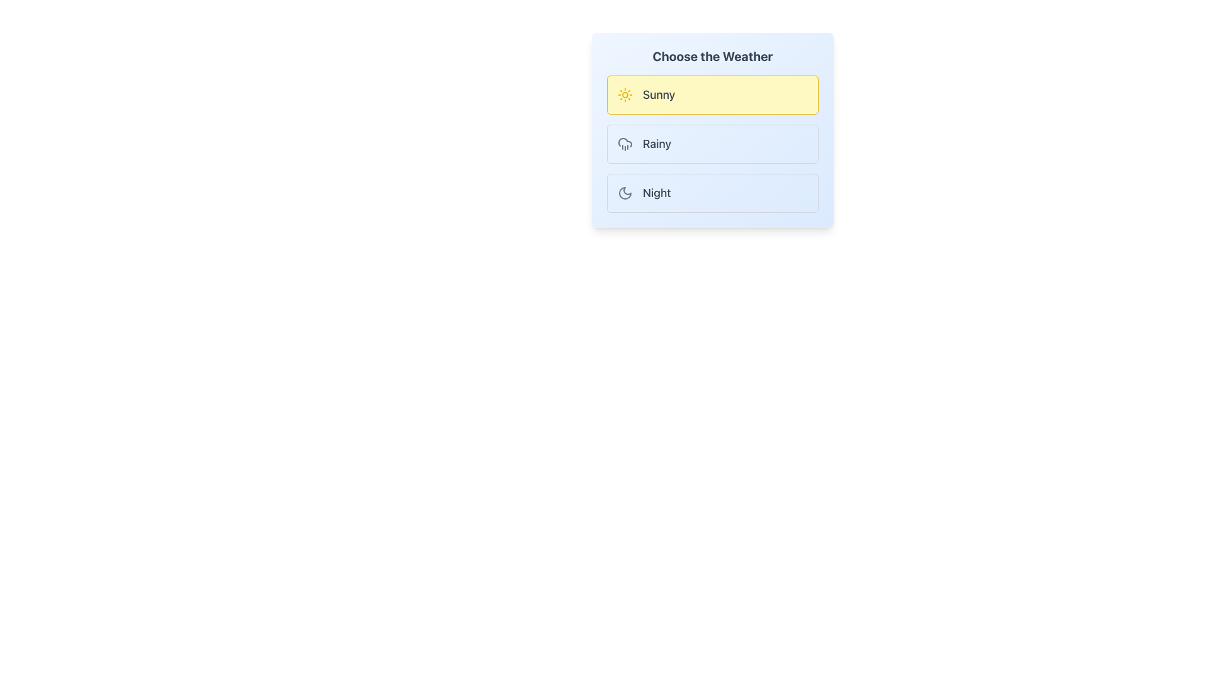 The image size is (1209, 680). Describe the element at coordinates (625, 193) in the screenshot. I see `the 'Night' icon located in the third row of the 'Choose the Weather' selection box, positioned under the 'Rainy' option and next to the 'Night' label` at that location.